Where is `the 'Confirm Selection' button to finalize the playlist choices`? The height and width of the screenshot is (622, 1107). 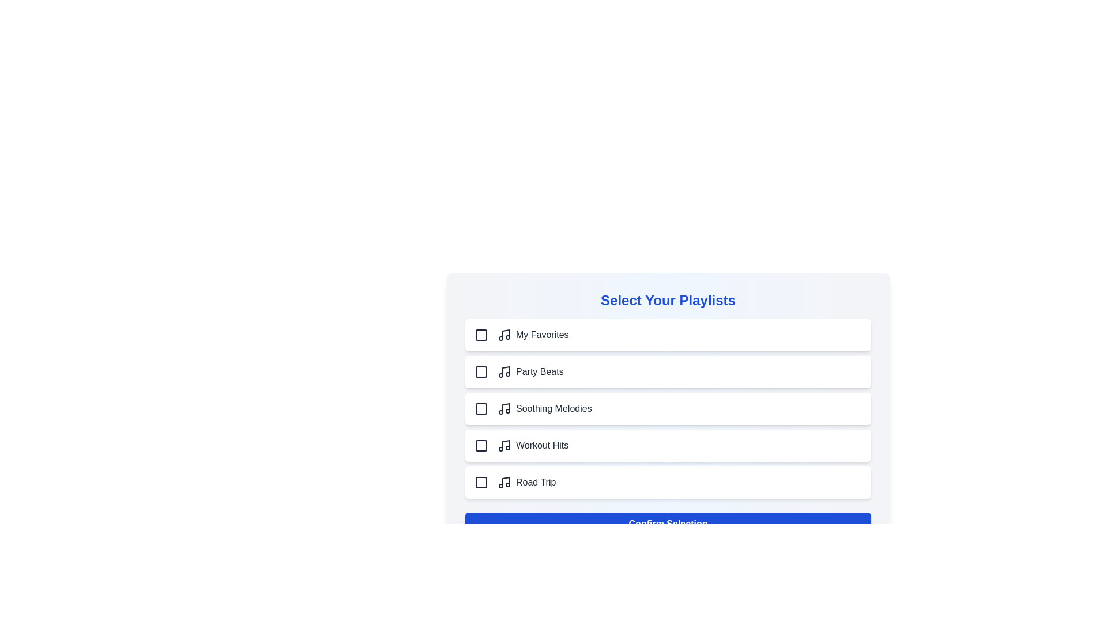 the 'Confirm Selection' button to finalize the playlist choices is located at coordinates (668, 524).